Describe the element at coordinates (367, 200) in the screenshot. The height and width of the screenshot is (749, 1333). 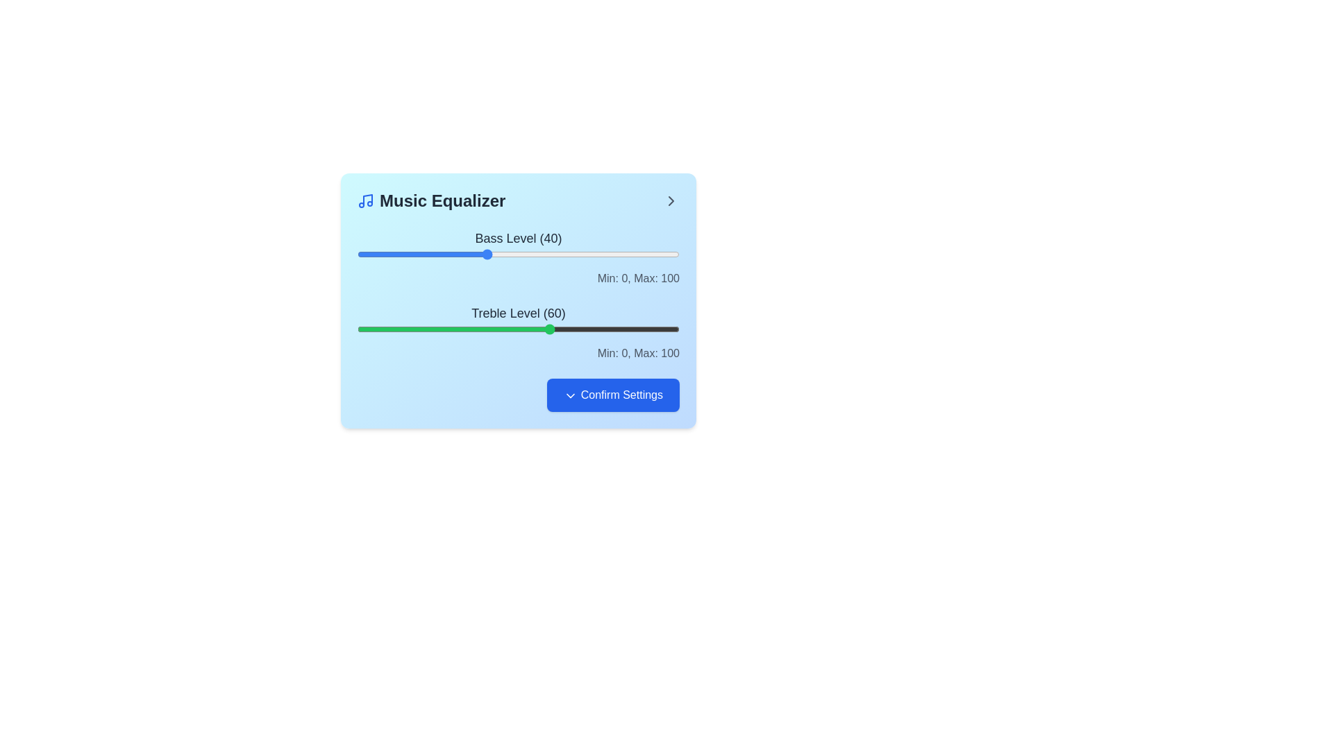
I see `the vertical line resembling a musical note stem within the 'Music Equalizer' header section` at that location.